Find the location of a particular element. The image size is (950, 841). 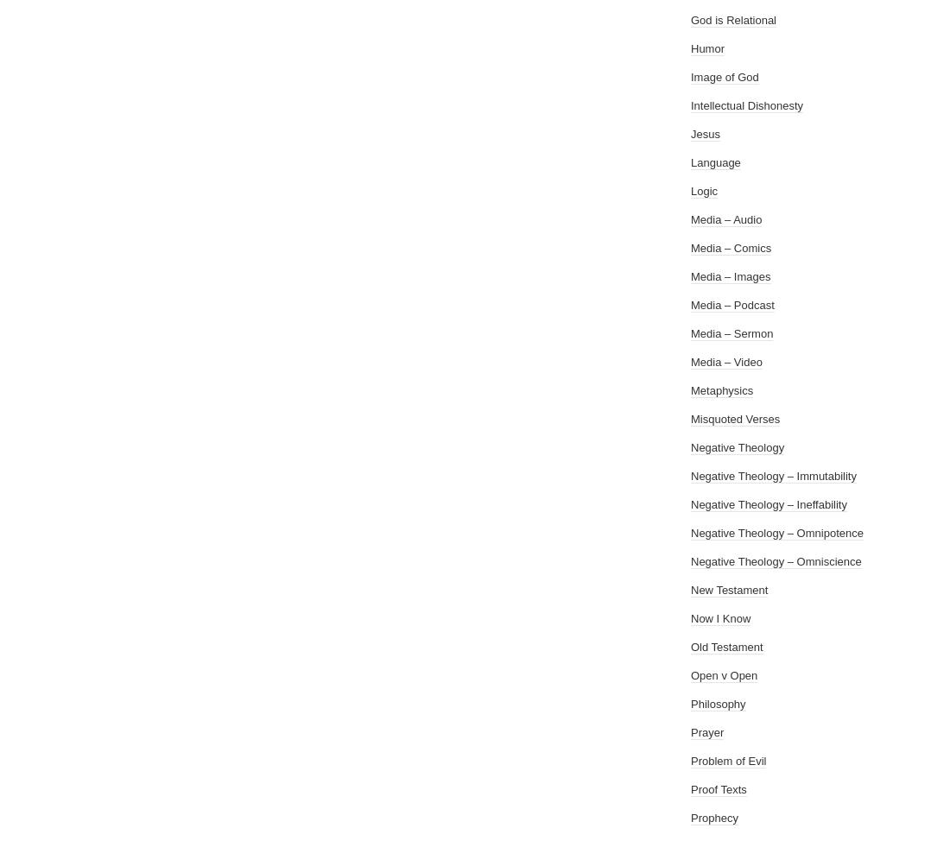

'Metaphysics' is located at coordinates (691, 389).